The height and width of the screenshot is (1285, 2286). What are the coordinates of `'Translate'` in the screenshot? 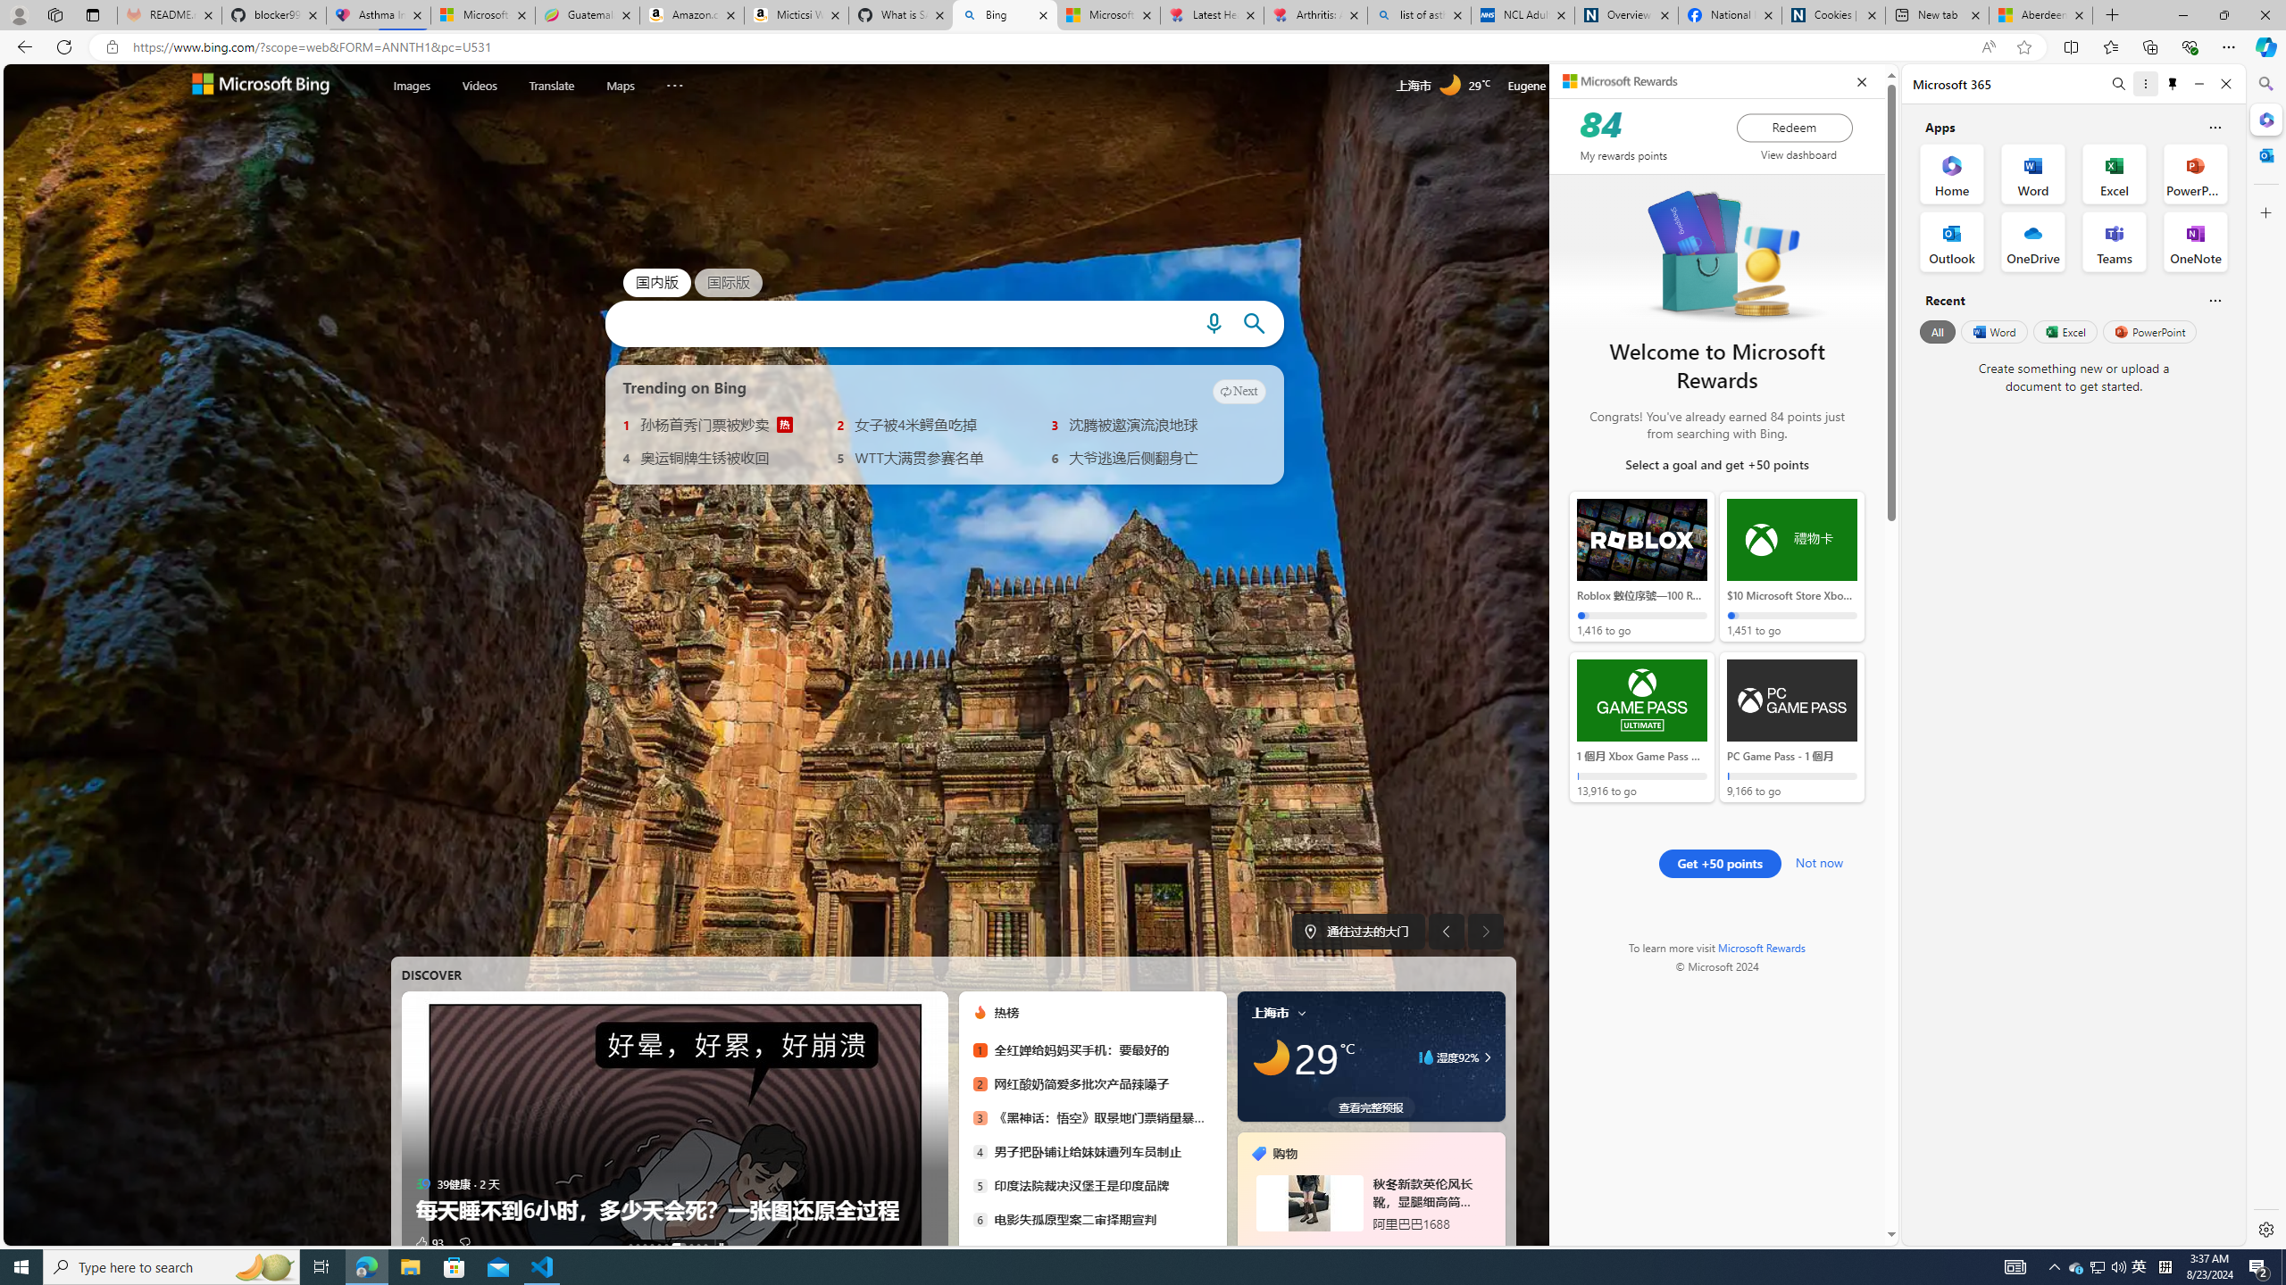 It's located at (551, 85).